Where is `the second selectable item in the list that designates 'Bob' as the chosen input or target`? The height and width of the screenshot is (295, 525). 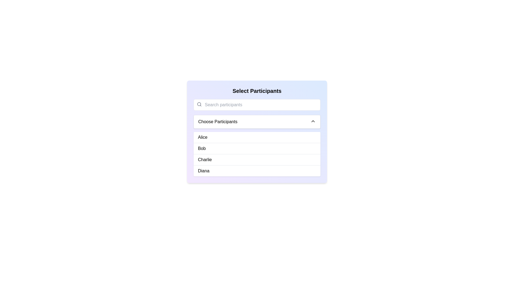 the second selectable item in the list that designates 'Bob' as the chosen input or target is located at coordinates (257, 148).